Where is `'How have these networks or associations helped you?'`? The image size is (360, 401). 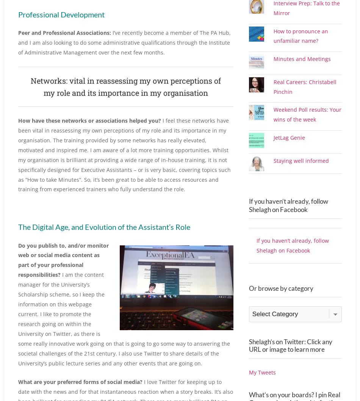 'How have these networks or associations helped you?' is located at coordinates (89, 120).